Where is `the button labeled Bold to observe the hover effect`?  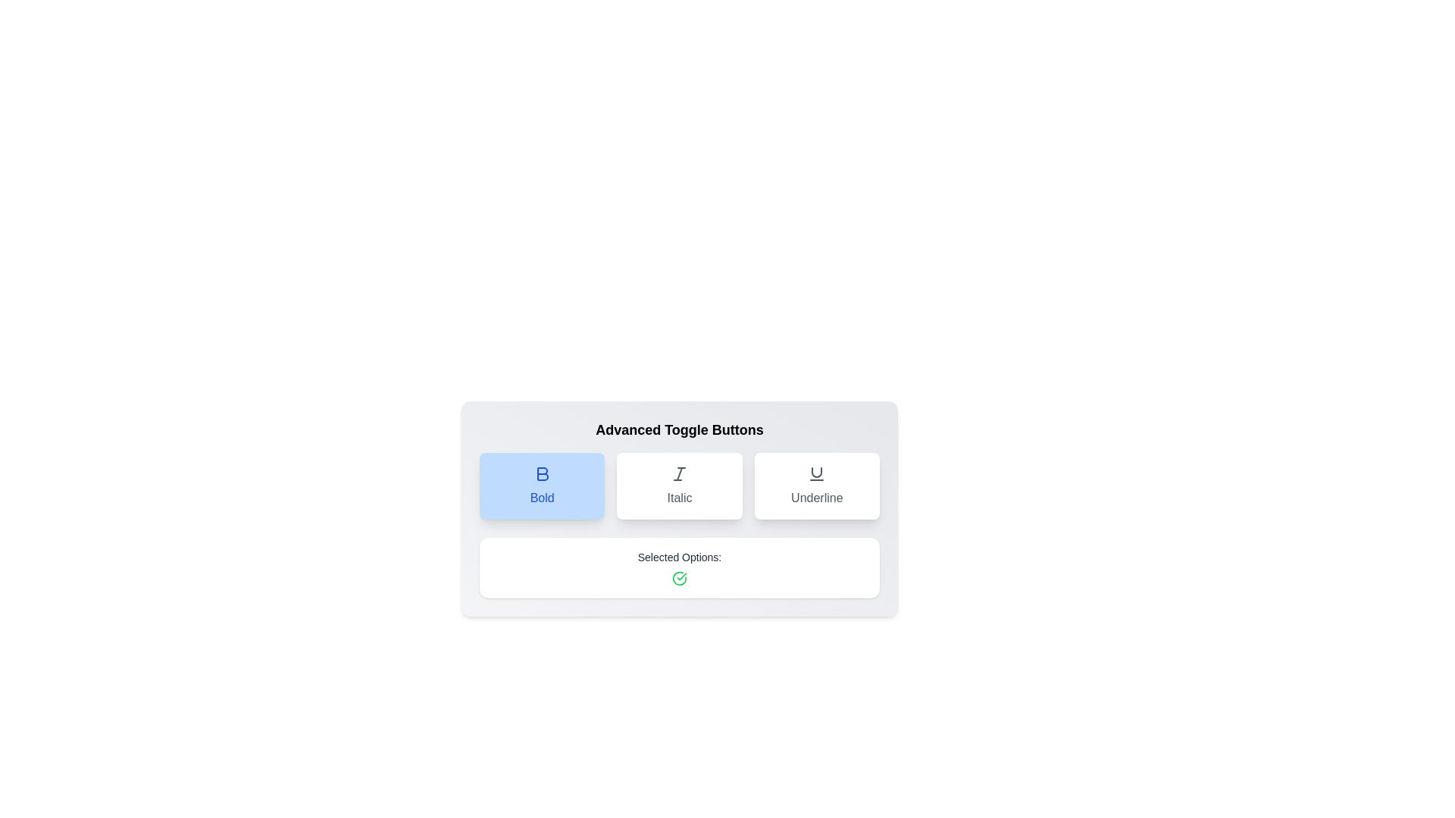 the button labeled Bold to observe the hover effect is located at coordinates (542, 485).